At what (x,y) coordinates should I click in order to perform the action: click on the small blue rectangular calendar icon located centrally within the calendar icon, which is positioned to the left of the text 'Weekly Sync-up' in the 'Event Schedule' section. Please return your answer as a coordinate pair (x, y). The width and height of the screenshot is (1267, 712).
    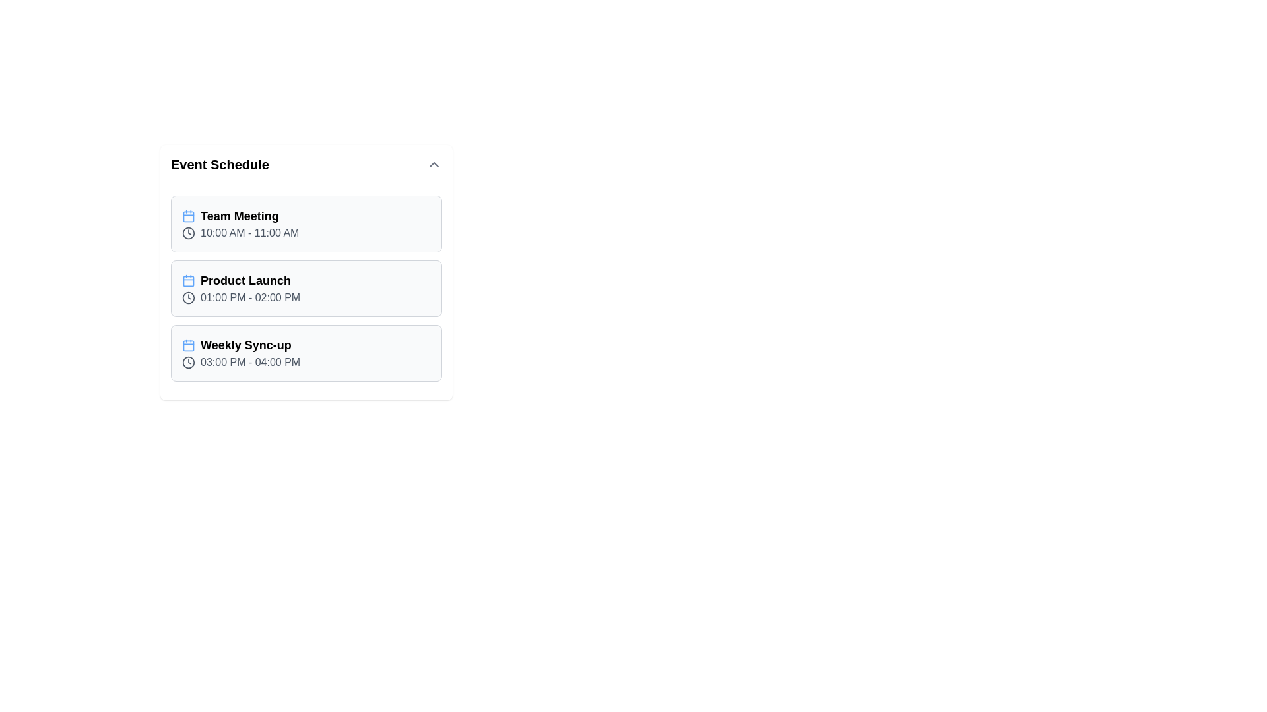
    Looking at the image, I should click on (188, 345).